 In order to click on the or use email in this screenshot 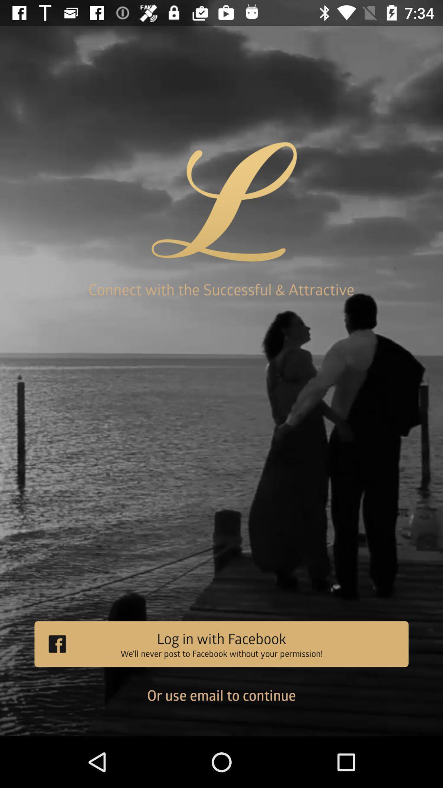, I will do `click(221, 701)`.